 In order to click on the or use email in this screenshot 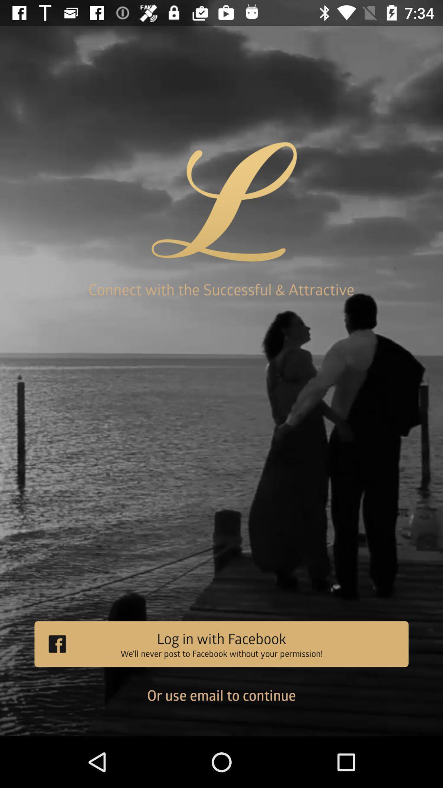, I will do `click(221, 701)`.